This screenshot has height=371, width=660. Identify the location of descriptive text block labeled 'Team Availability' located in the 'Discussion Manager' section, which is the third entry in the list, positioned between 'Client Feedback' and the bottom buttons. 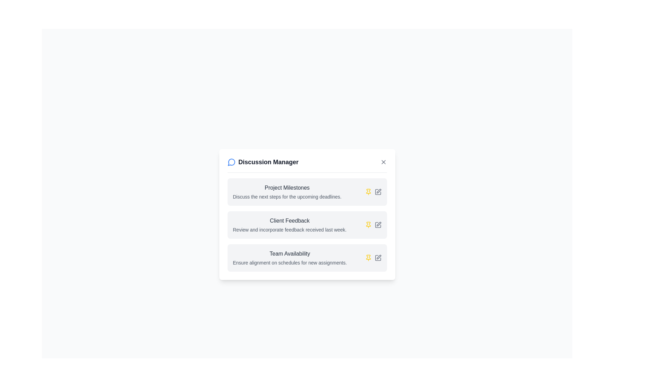
(290, 258).